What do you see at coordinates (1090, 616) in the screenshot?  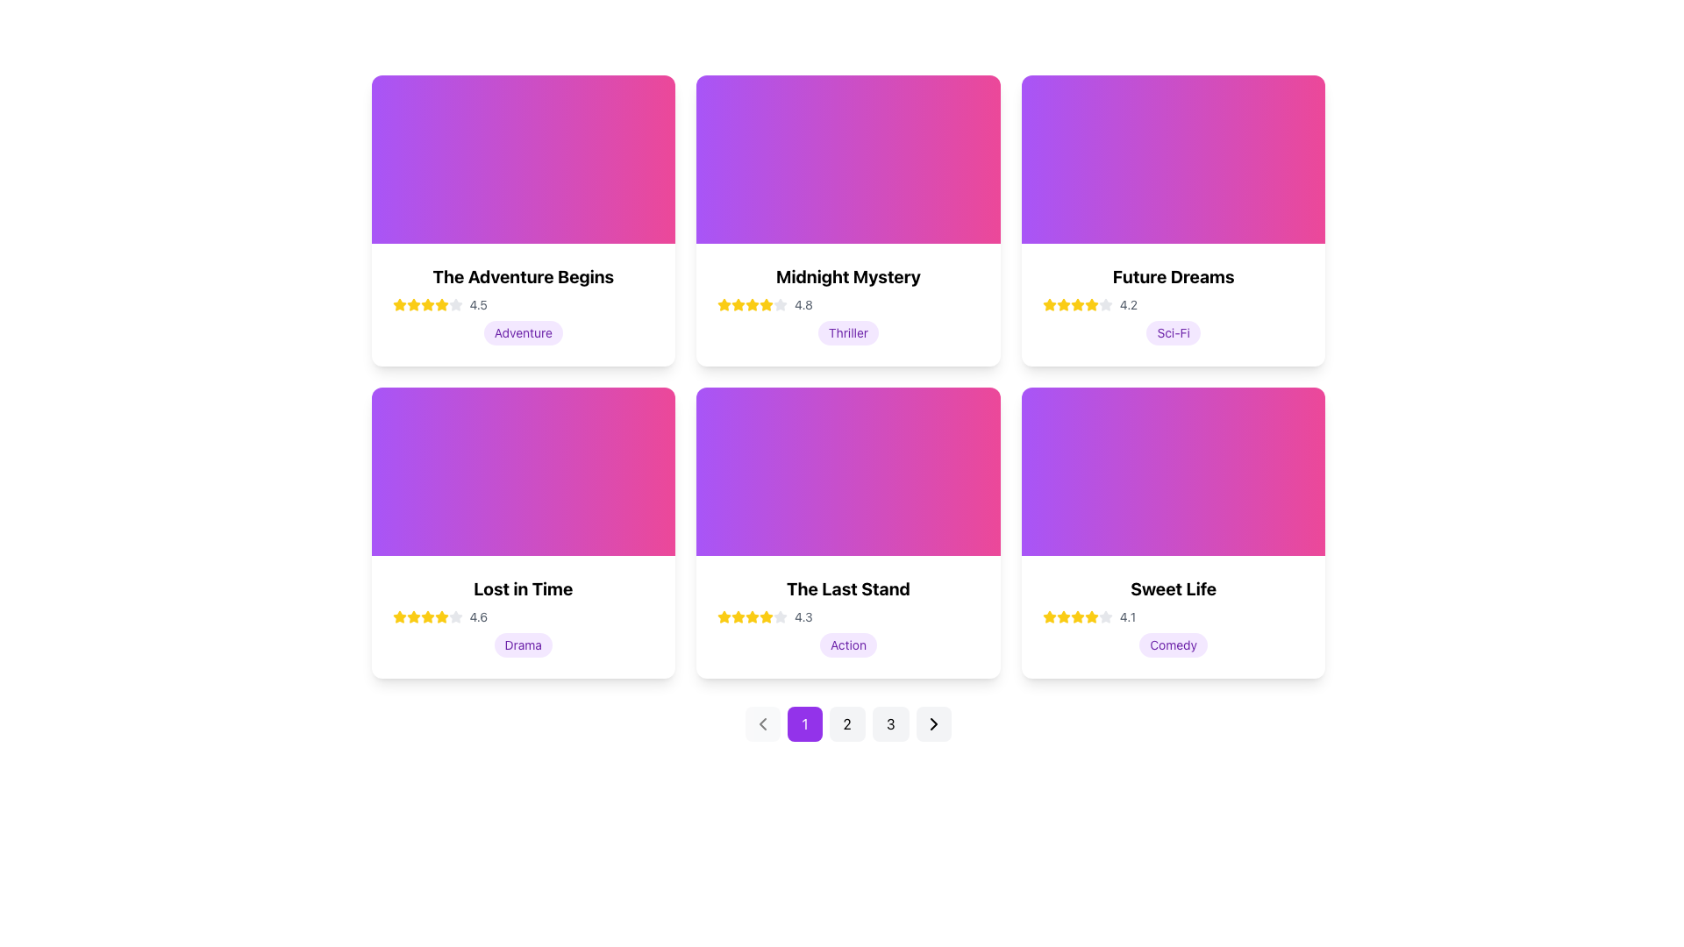 I see `the fifth star icon in the rating display for 'Sweet Life', which is yellow and part of a sequence of stars indicating a rating` at bounding box center [1090, 616].